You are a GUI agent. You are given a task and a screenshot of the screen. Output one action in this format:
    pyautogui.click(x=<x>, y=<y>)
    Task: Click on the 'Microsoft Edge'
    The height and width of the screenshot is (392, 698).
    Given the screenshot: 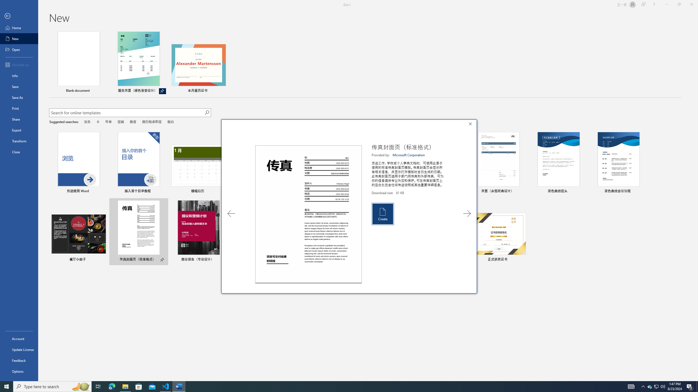 What is the action you would take?
    pyautogui.click(x=112, y=386)
    